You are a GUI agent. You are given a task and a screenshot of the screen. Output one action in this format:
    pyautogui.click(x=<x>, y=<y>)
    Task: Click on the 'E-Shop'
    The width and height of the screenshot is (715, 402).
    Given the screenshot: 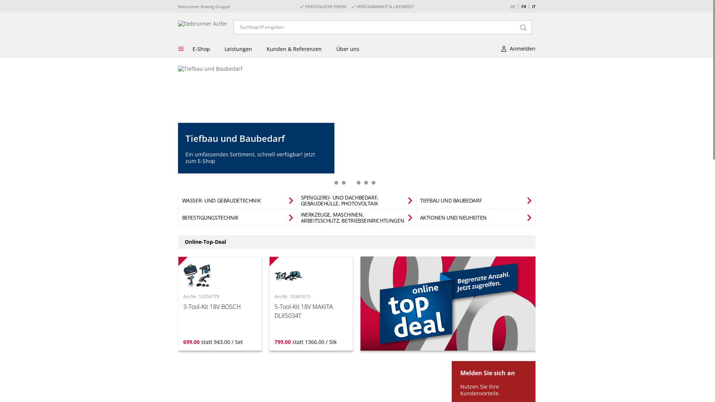 What is the action you would take?
    pyautogui.click(x=184, y=49)
    